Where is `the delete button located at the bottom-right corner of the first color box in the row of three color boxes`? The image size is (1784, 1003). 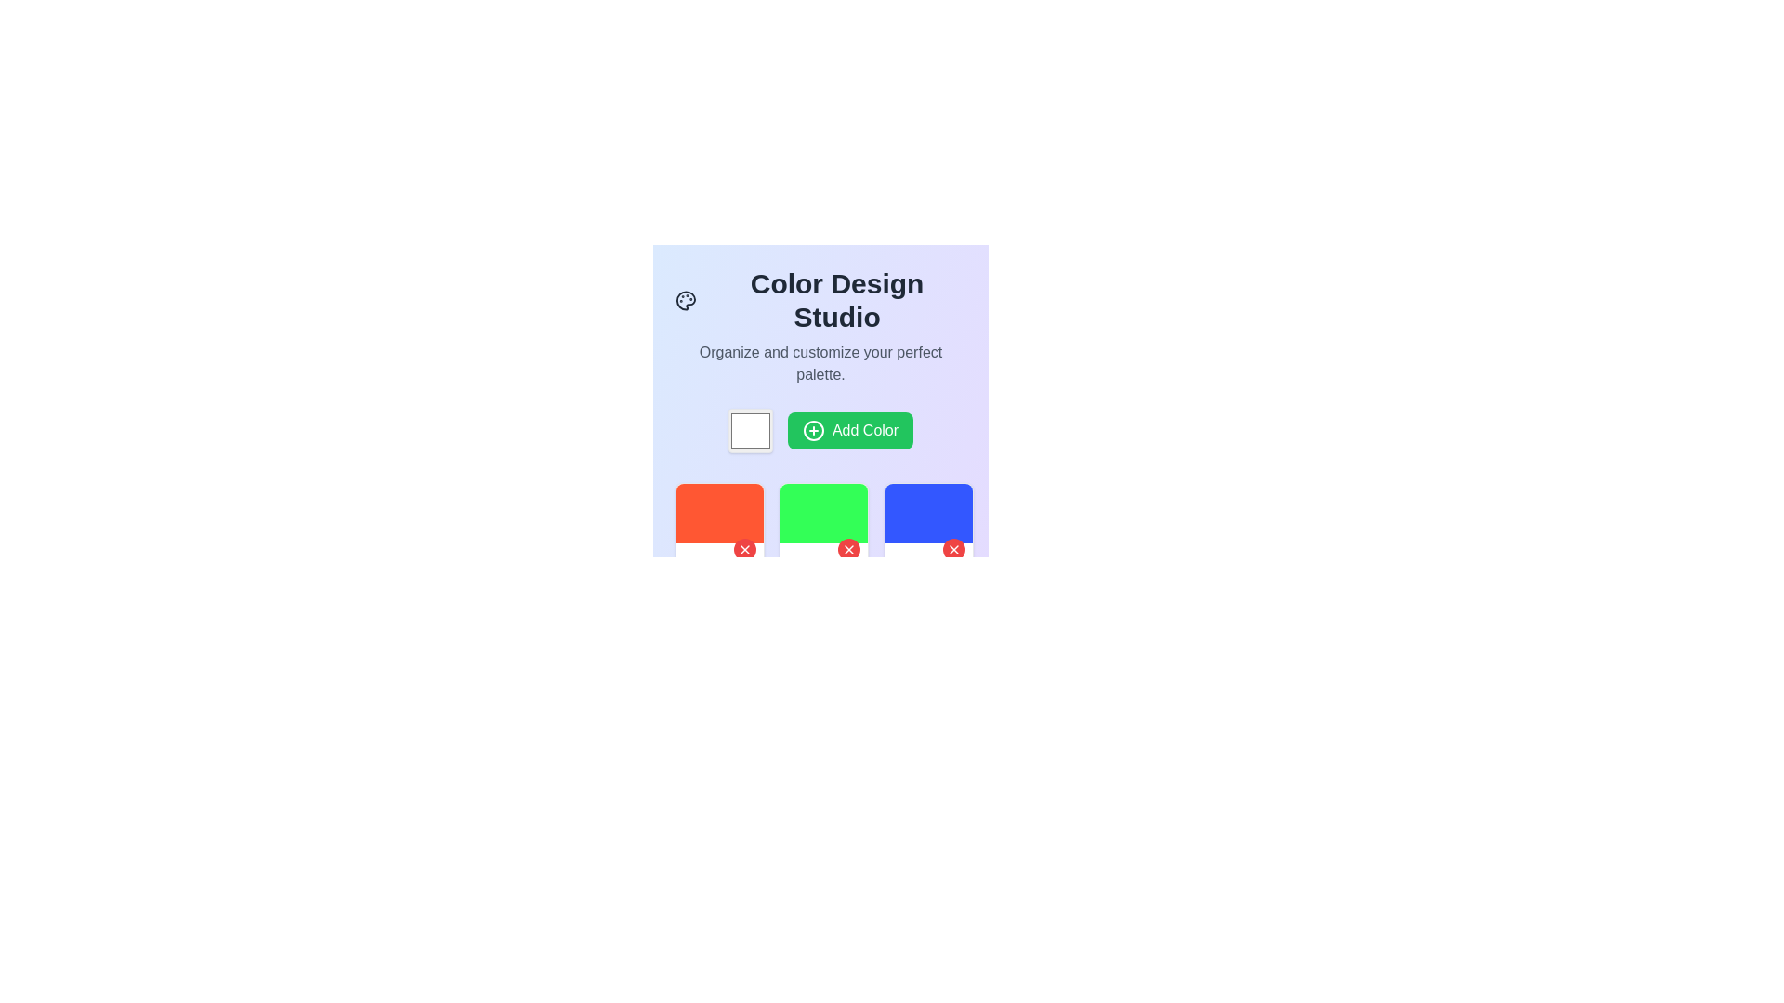
the delete button located at the bottom-right corner of the first color box in the row of three color boxes is located at coordinates (744, 550).